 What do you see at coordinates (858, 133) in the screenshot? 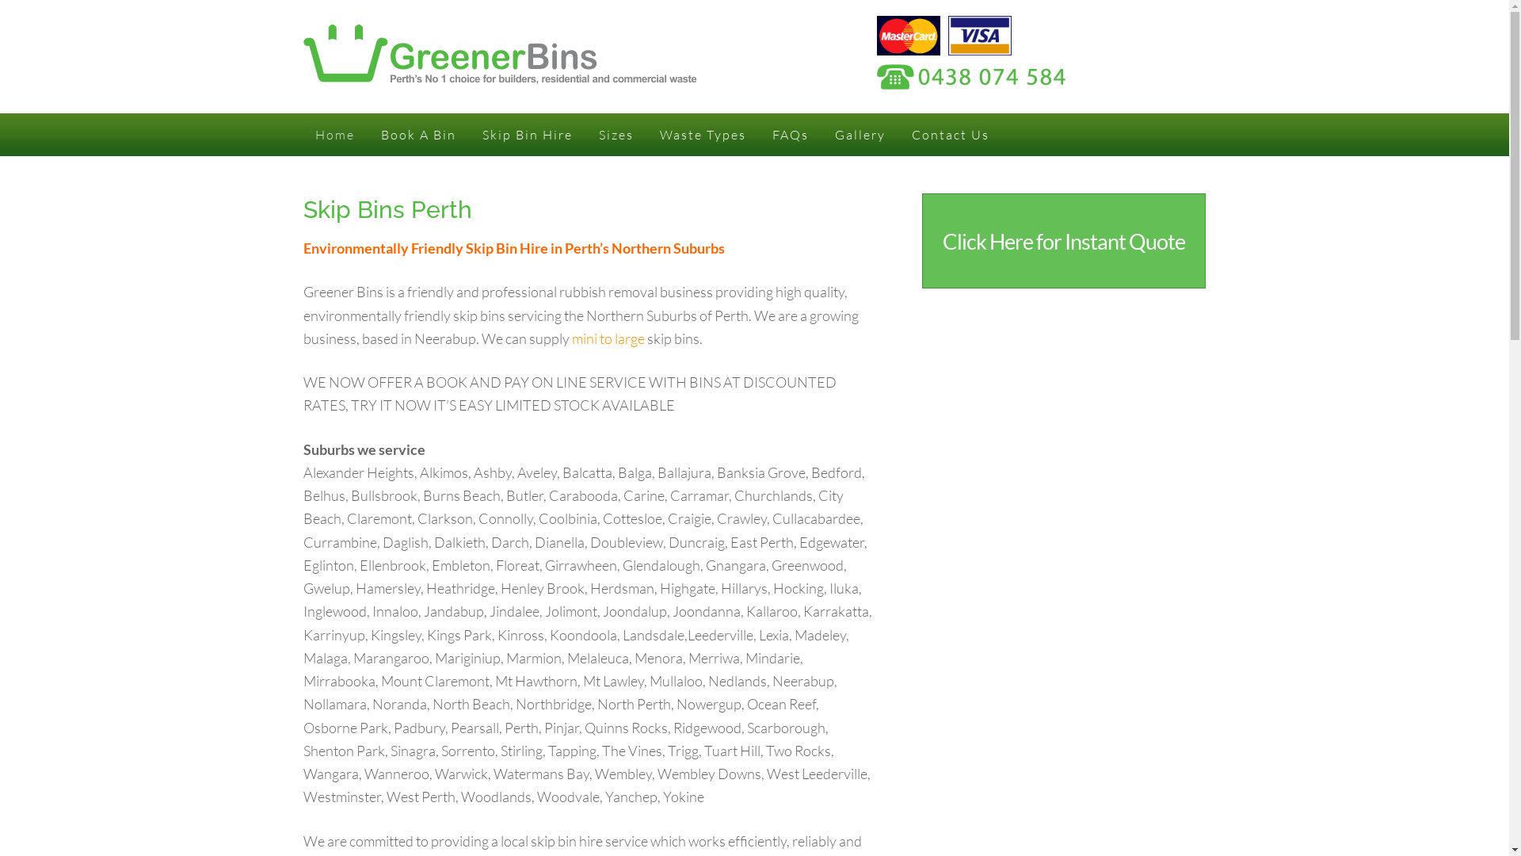
I see `'Gallery'` at bounding box center [858, 133].